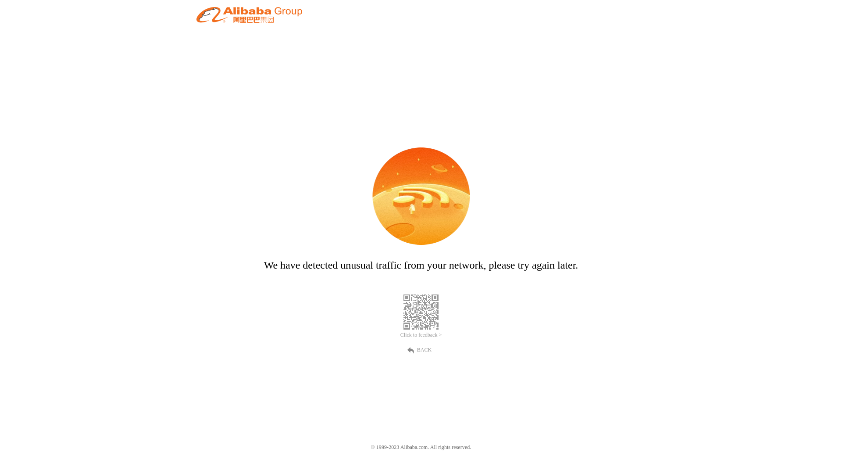 Image resolution: width=842 pixels, height=474 pixels. I want to click on 'BACK', so click(421, 348).